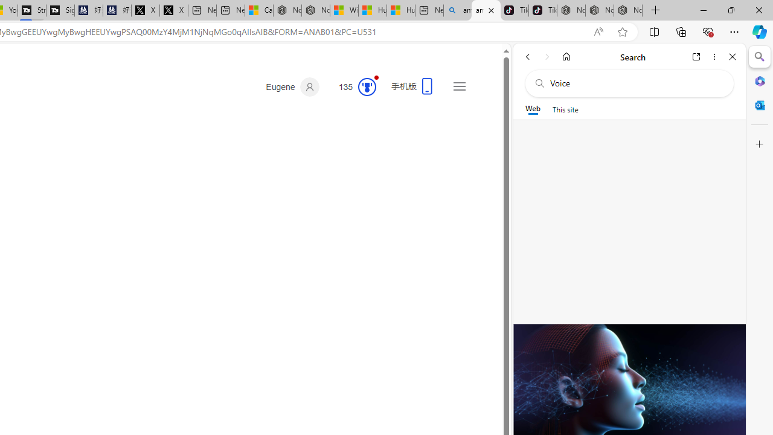 The width and height of the screenshot is (773, 435). Describe the element at coordinates (696, 56) in the screenshot. I see `'Open link in new tab'` at that location.